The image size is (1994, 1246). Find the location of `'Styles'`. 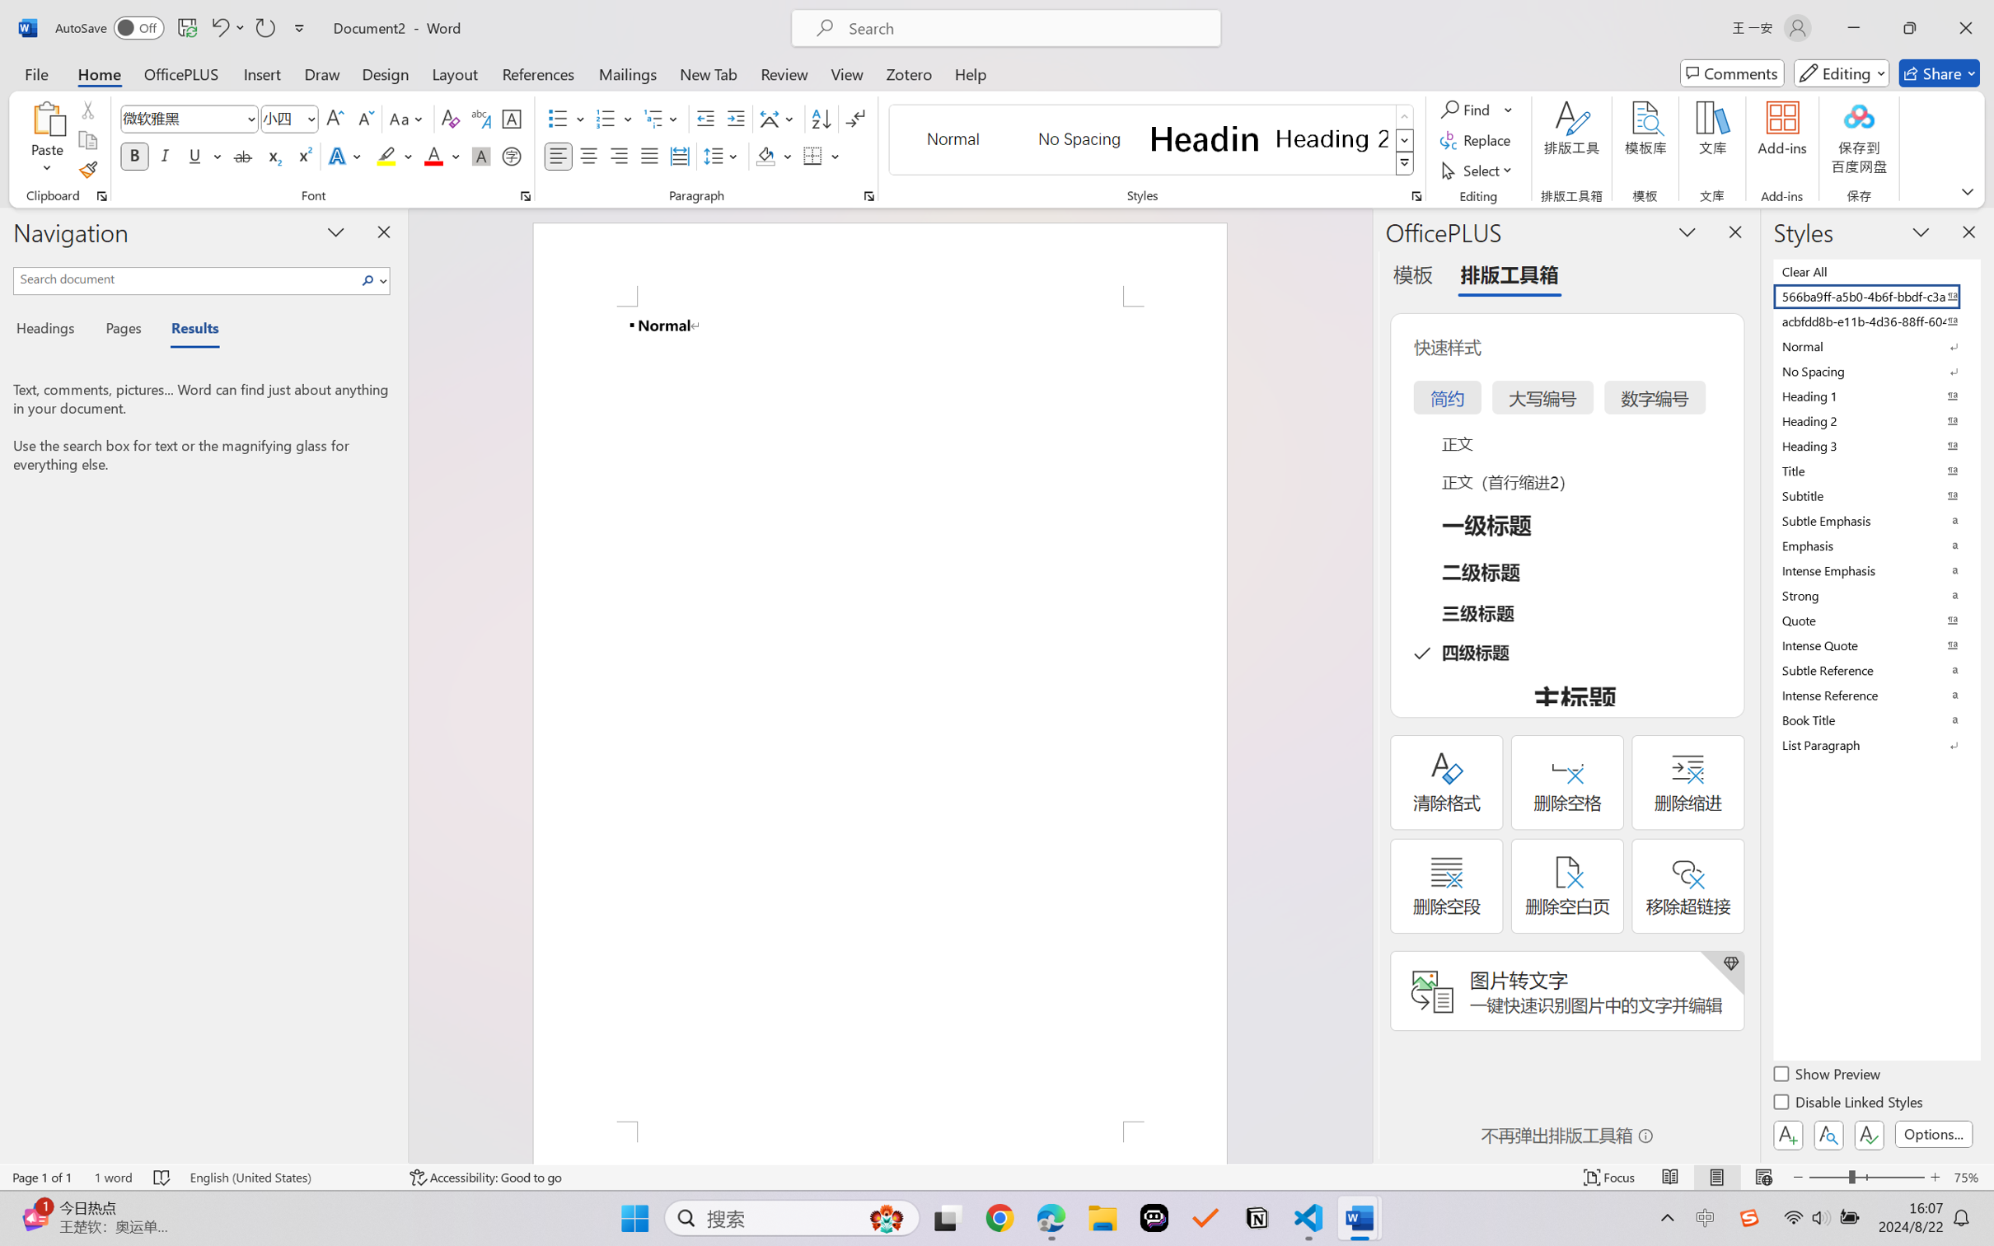

'Styles' is located at coordinates (1403, 163).